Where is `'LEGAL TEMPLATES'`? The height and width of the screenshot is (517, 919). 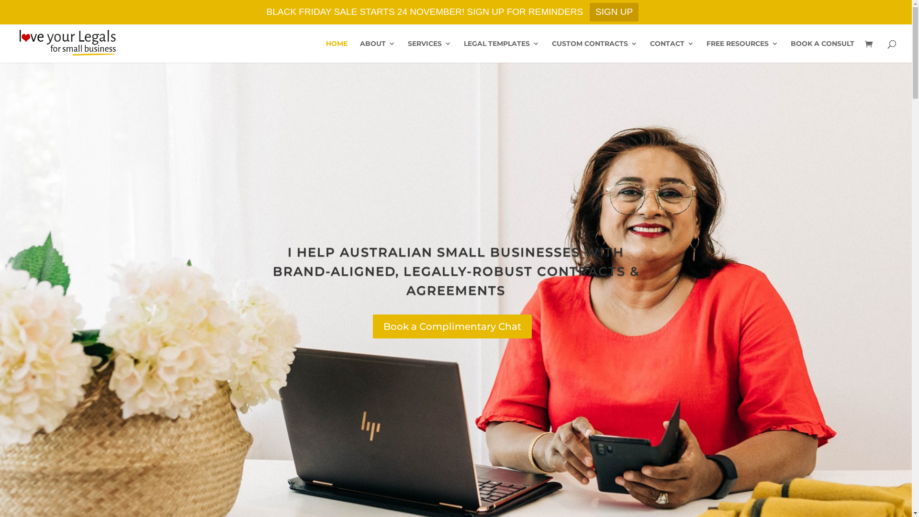
'LEGAL TEMPLATES' is located at coordinates (464, 51).